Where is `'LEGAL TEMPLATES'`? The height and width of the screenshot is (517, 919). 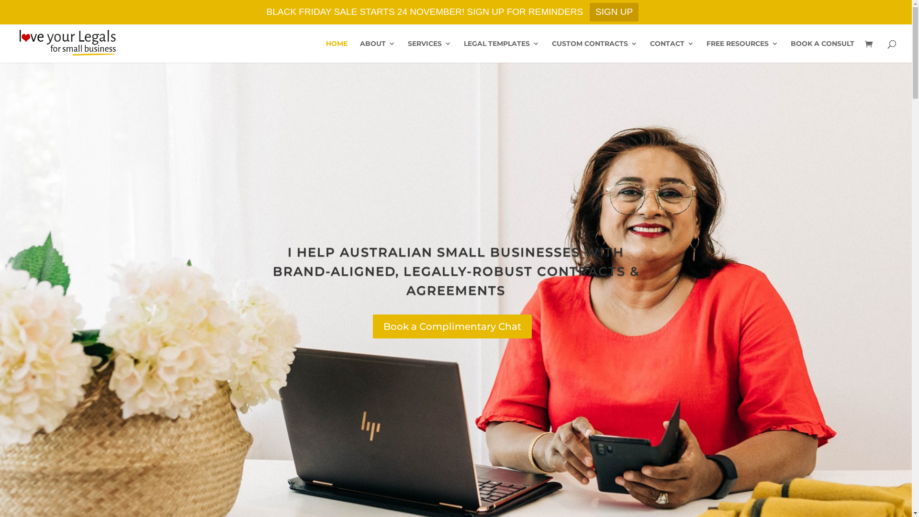
'LEGAL TEMPLATES' is located at coordinates (464, 51).